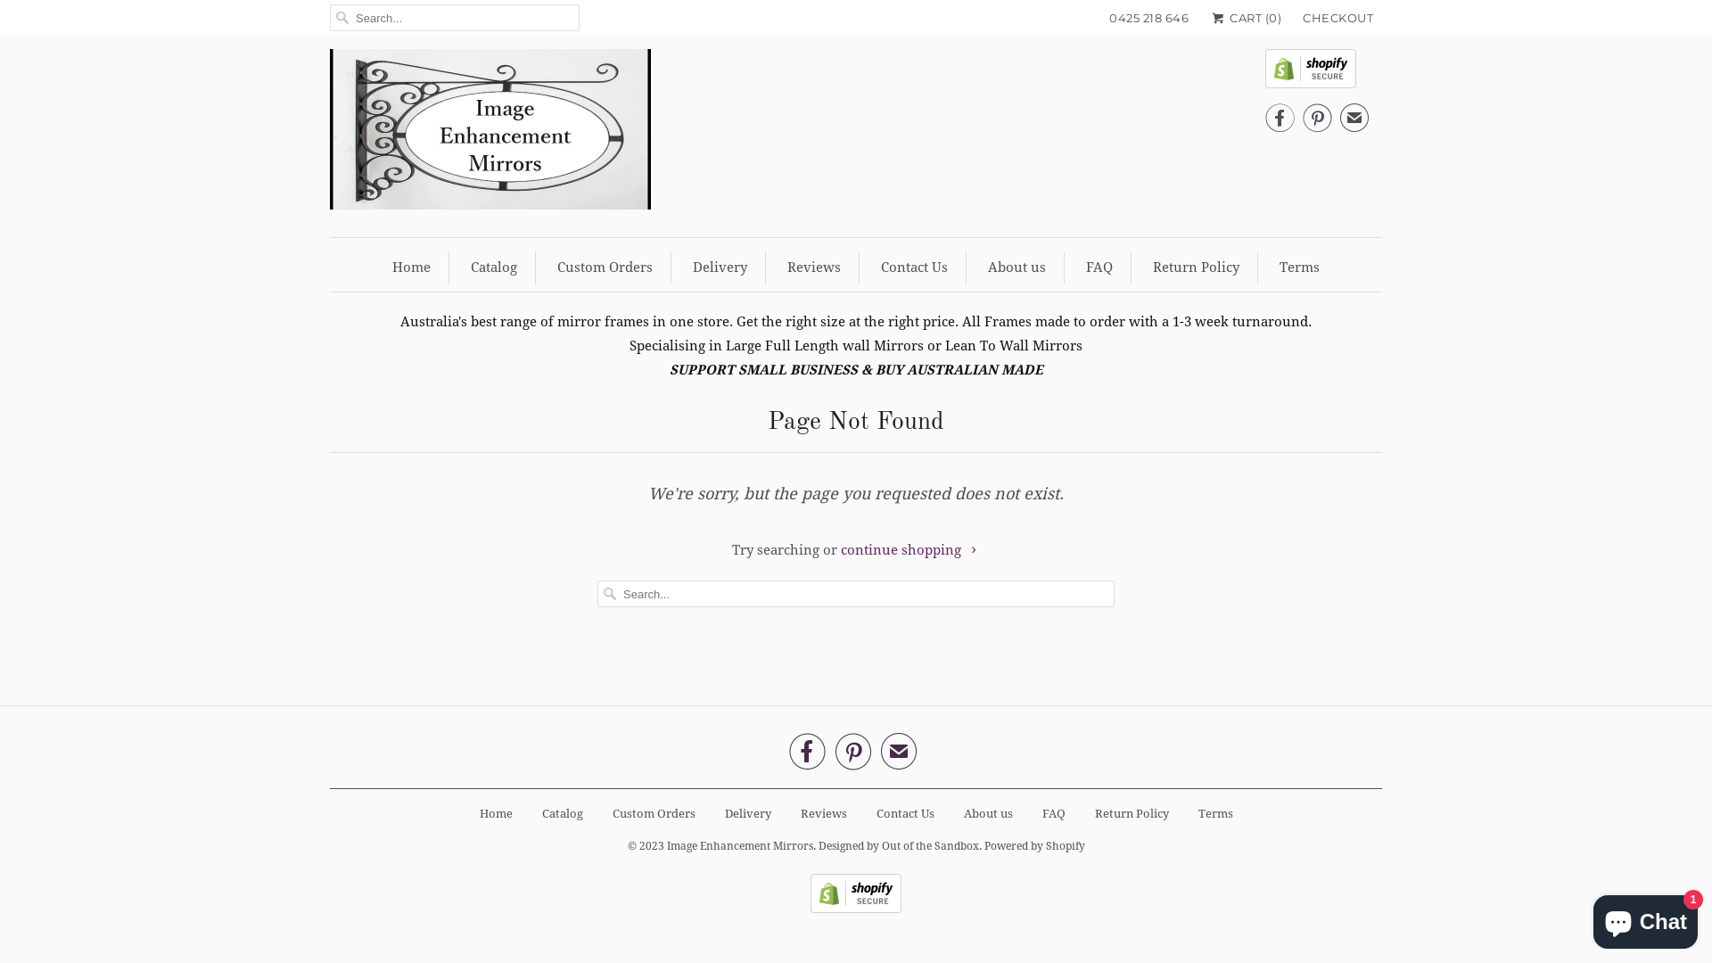  Describe the element at coordinates (914, 267) in the screenshot. I see `'Contact Us'` at that location.